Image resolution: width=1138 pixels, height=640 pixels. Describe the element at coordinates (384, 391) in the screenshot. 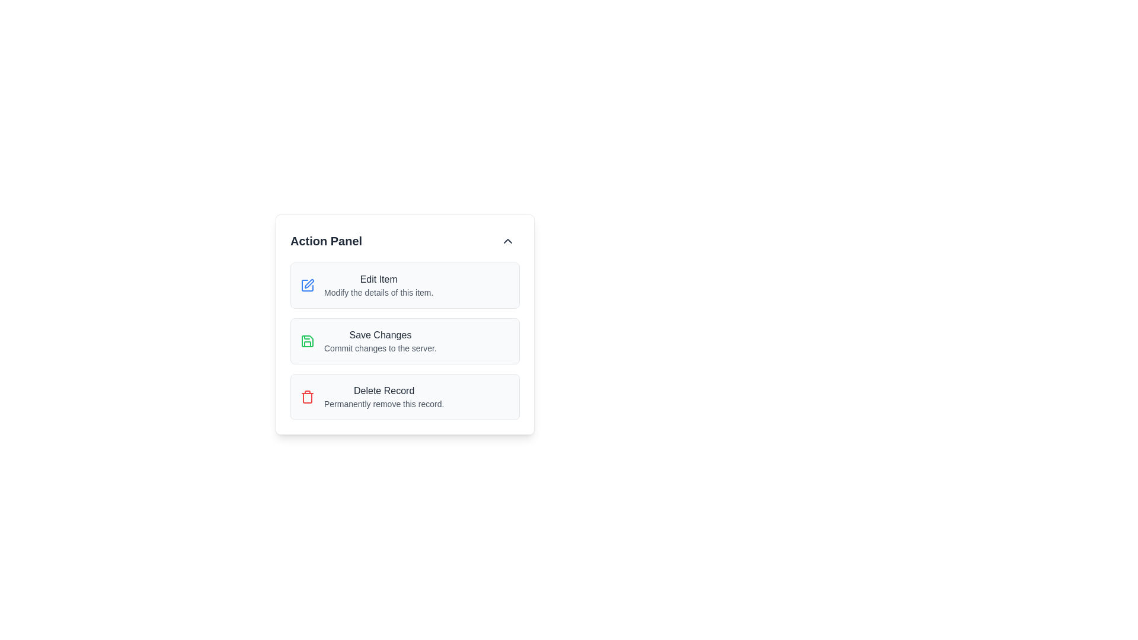

I see `text from the 'Delete Record' label, which is styled in medium-weight dark gray font and positioned above the descriptive text in the Action Panel` at that location.